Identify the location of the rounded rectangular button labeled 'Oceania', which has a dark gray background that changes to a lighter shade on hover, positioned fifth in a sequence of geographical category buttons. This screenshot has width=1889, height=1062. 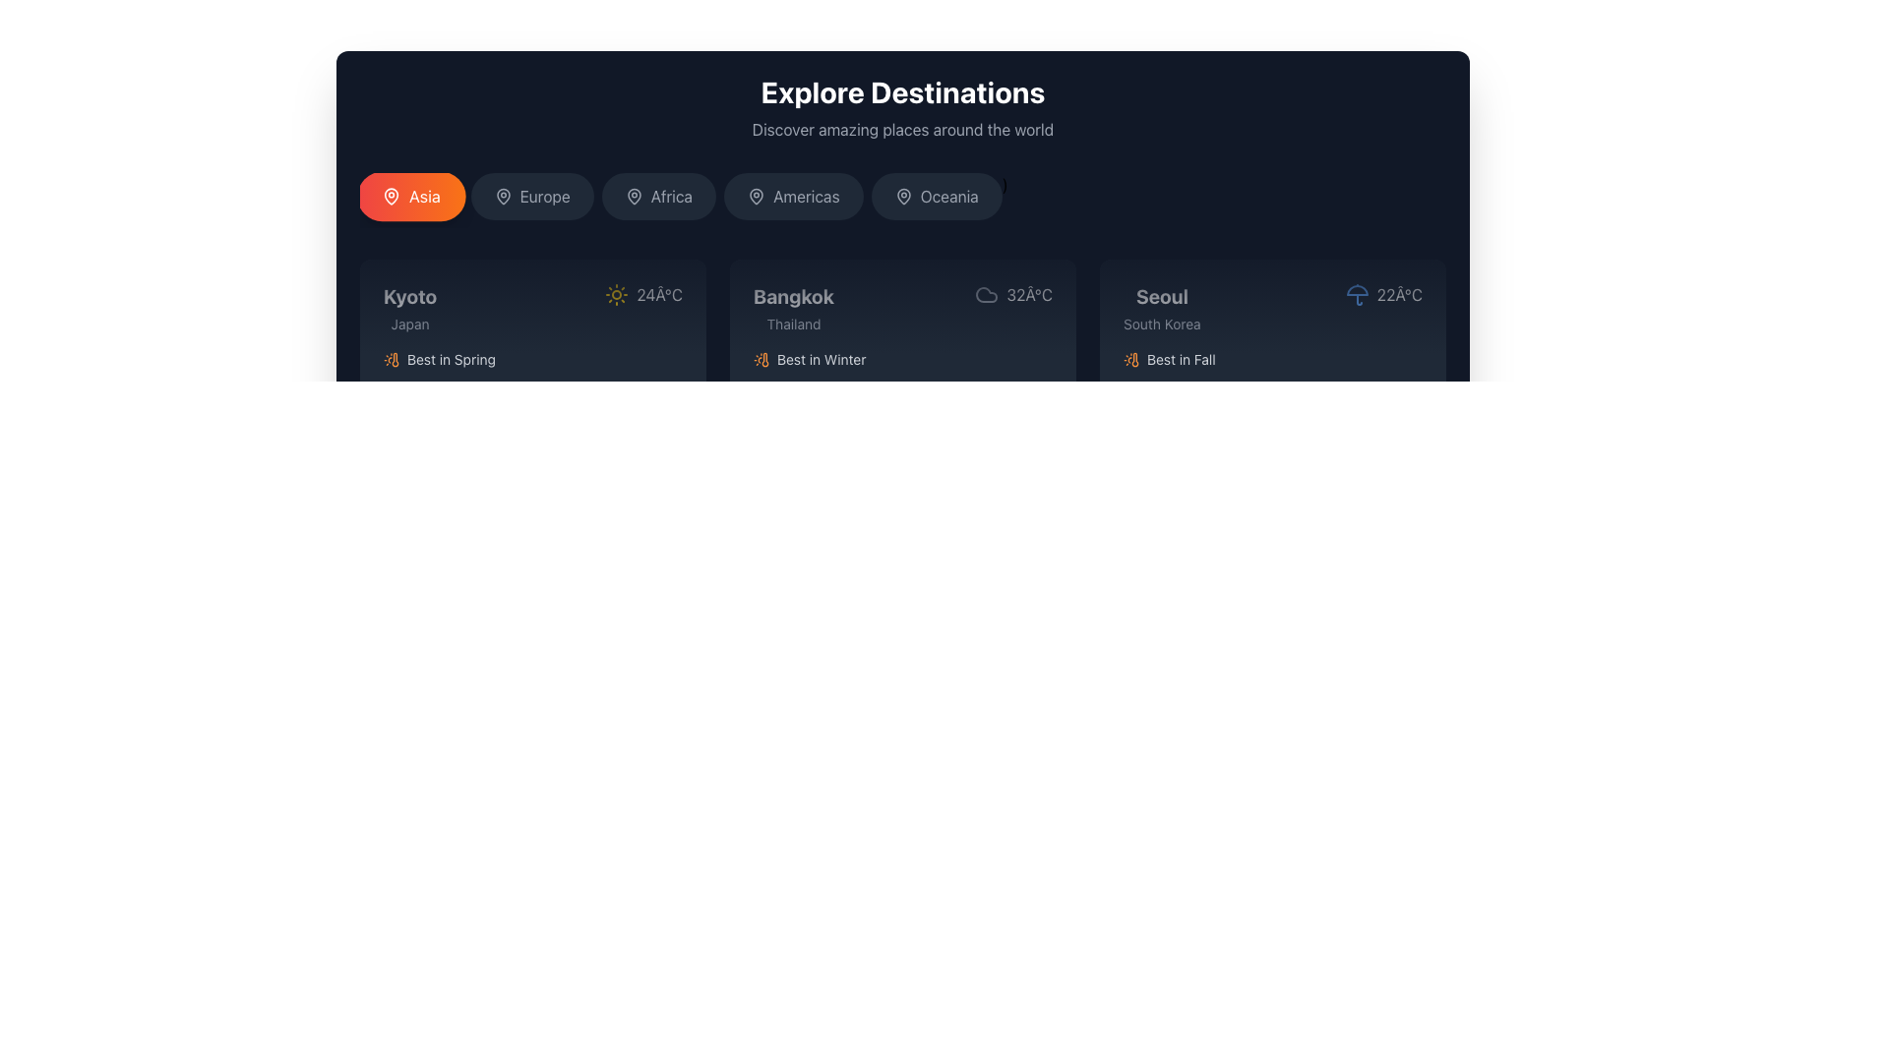
(936, 197).